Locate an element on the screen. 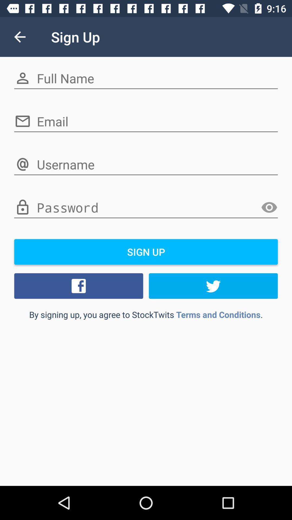 This screenshot has height=520, width=292. icon above sign up is located at coordinates (146, 207).